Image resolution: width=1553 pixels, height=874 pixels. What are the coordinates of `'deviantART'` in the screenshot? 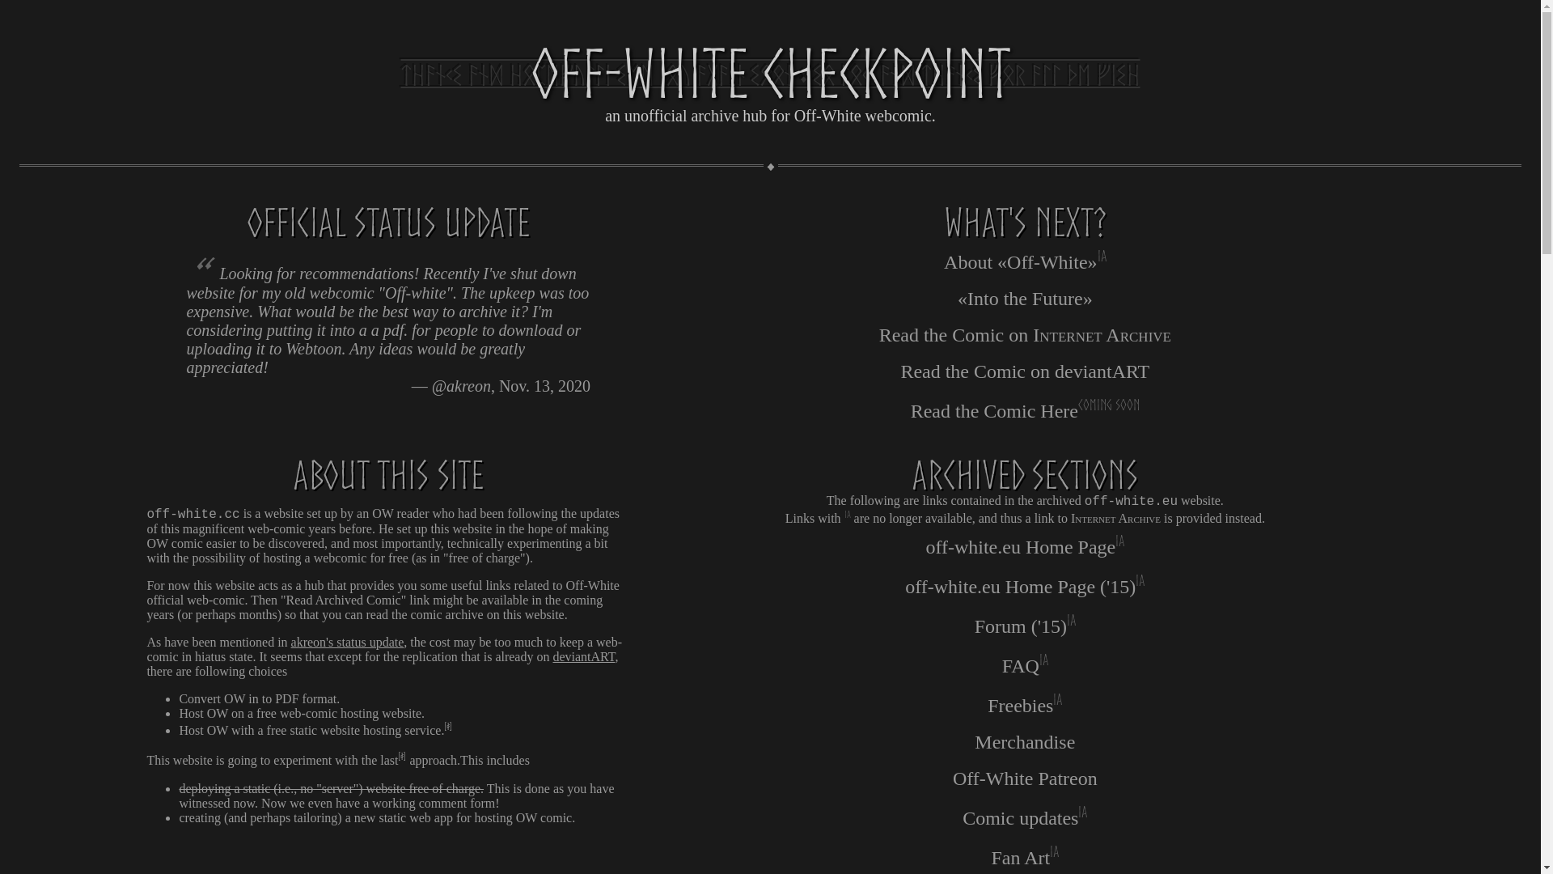 It's located at (582, 656).